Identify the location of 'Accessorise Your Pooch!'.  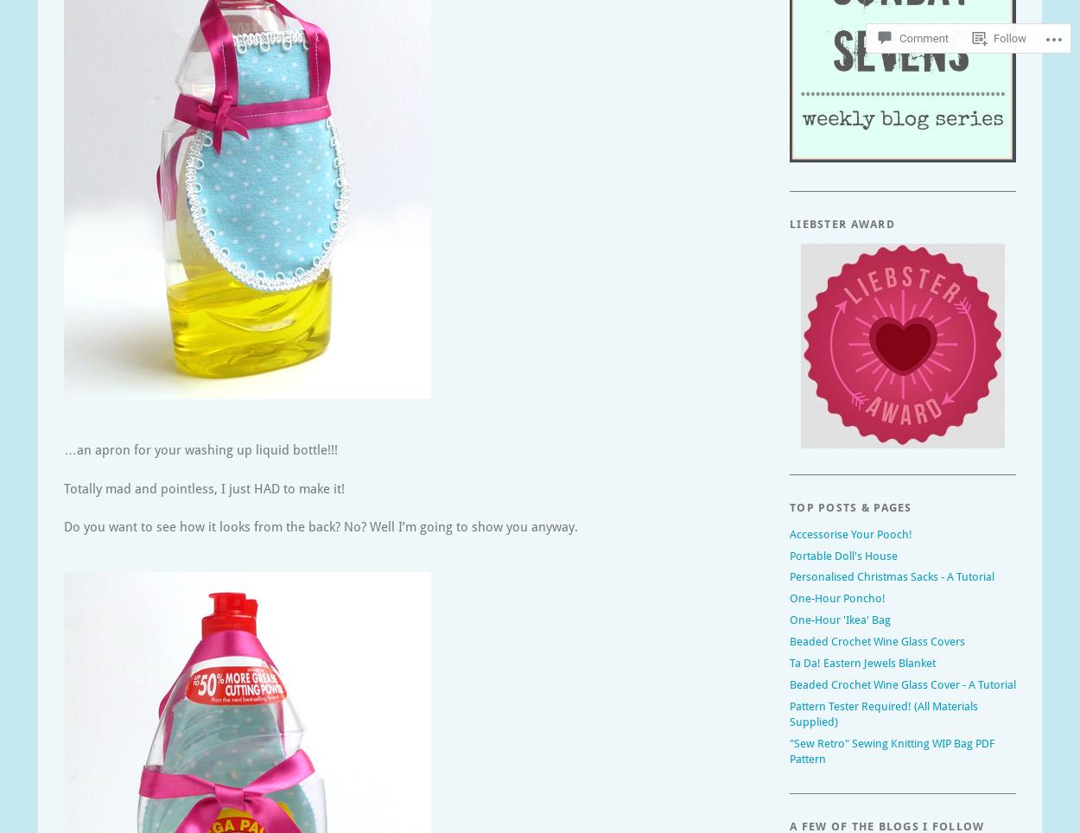
(850, 533).